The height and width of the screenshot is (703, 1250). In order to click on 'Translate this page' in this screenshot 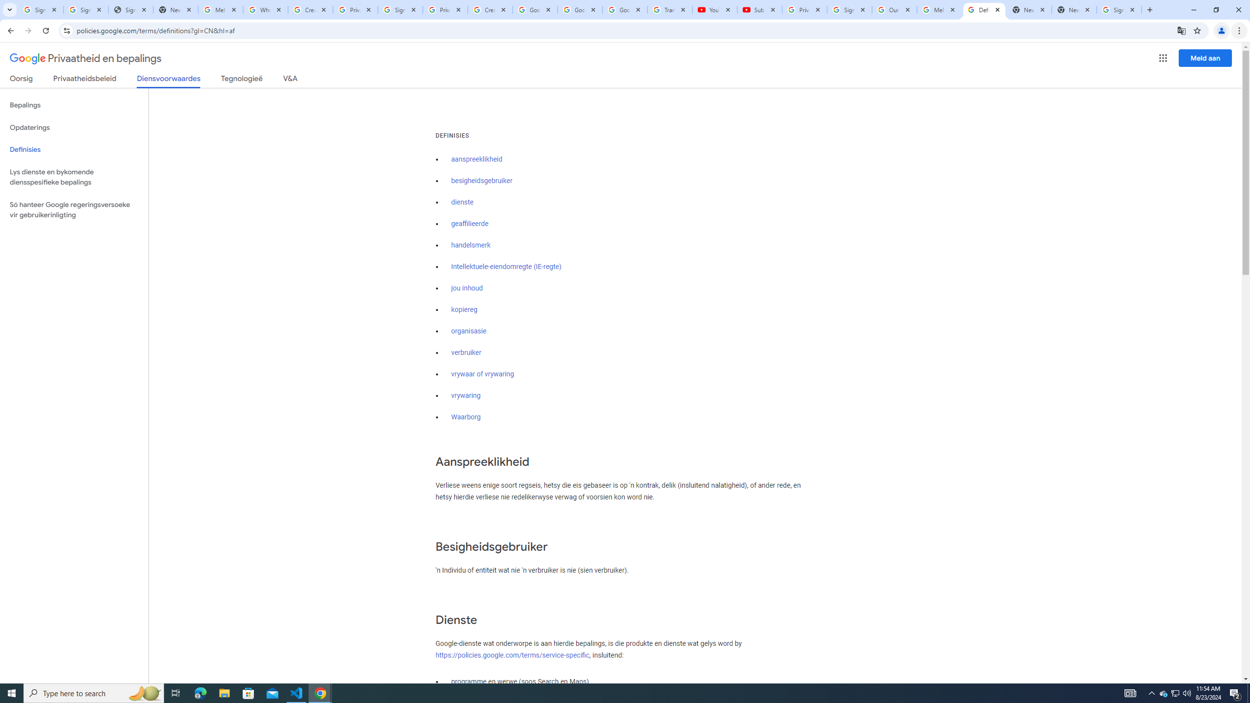, I will do `click(1182, 30)`.